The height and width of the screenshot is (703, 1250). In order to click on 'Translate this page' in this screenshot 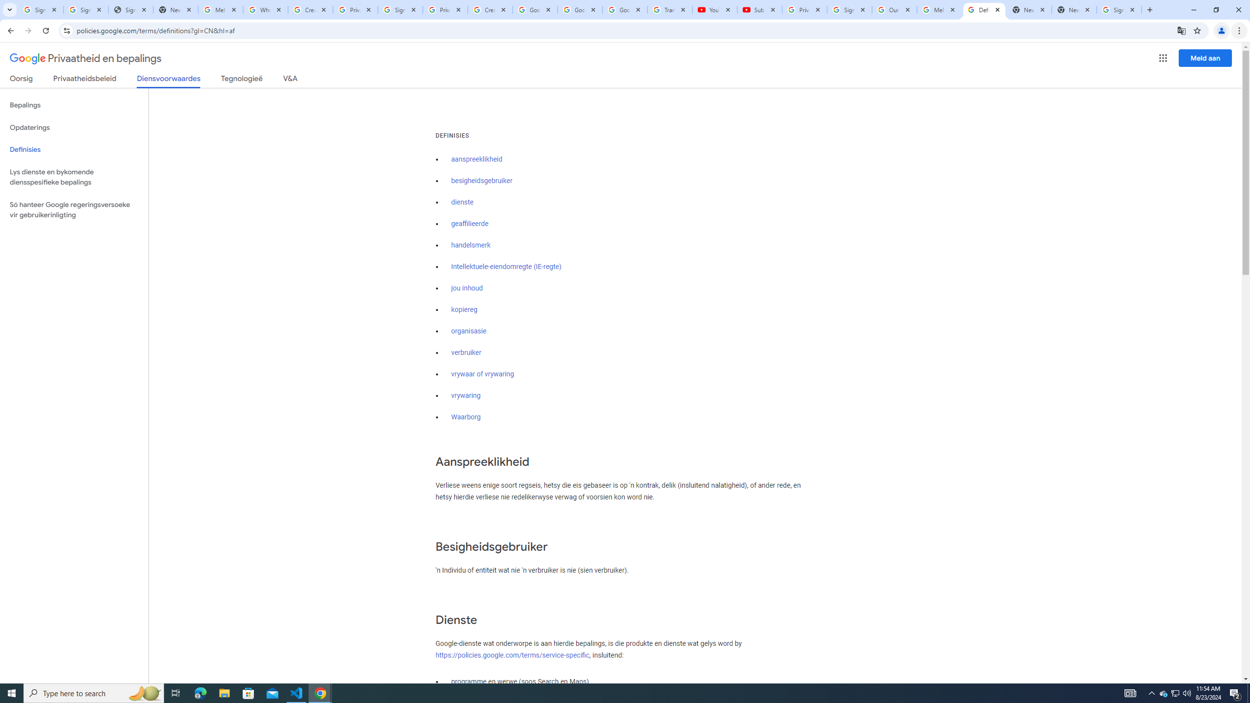, I will do `click(1182, 30)`.